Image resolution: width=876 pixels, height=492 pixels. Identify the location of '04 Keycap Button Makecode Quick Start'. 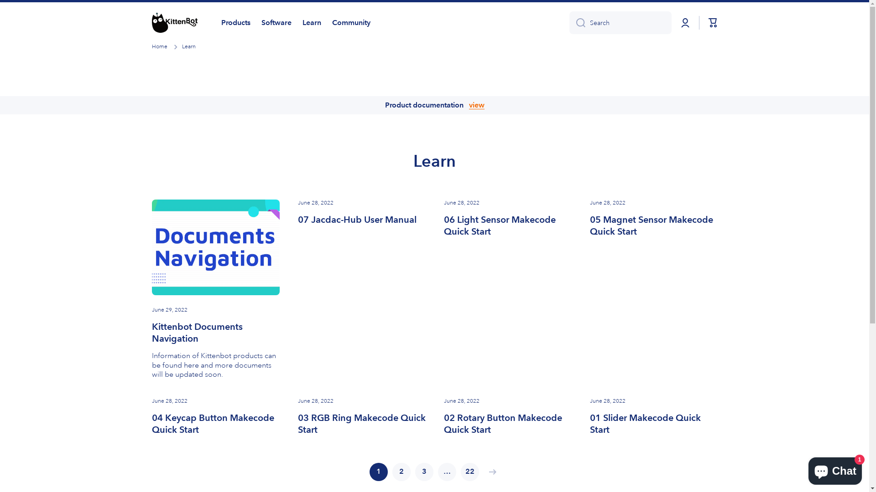
(151, 423).